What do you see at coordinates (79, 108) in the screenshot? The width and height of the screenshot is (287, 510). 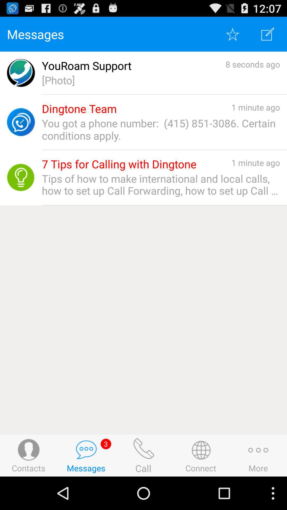 I see `icon above the you got a item` at bounding box center [79, 108].